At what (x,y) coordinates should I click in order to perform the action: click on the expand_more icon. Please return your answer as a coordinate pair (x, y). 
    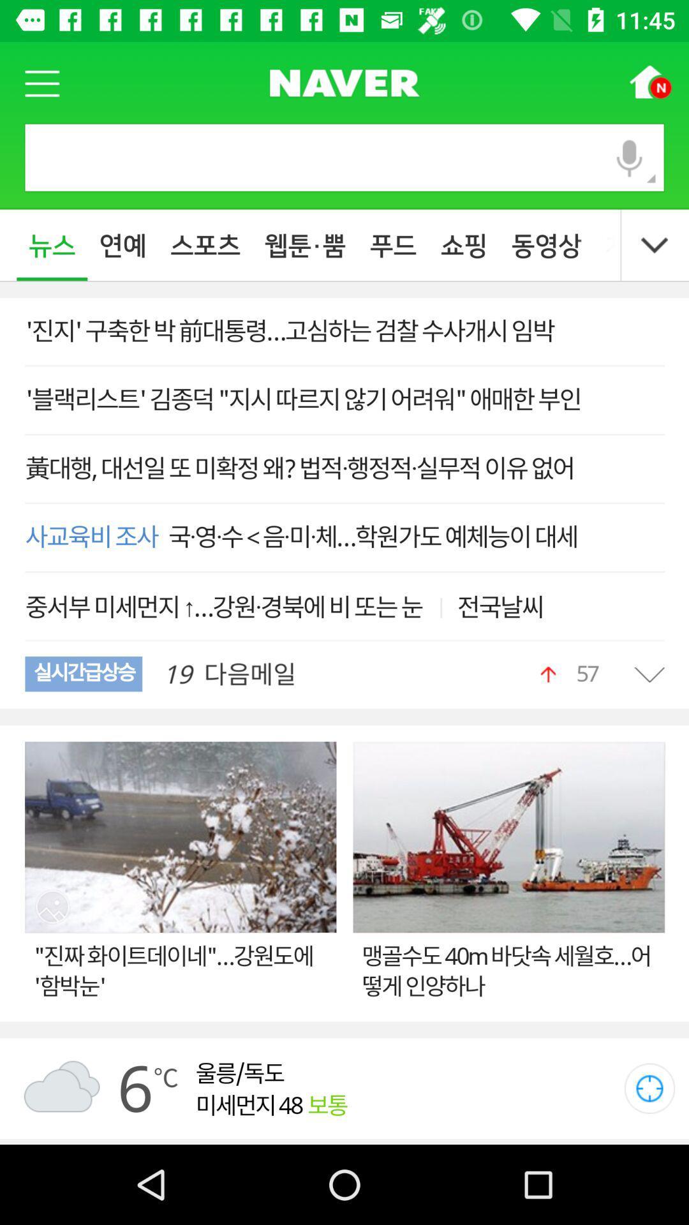
    Looking at the image, I should click on (655, 246).